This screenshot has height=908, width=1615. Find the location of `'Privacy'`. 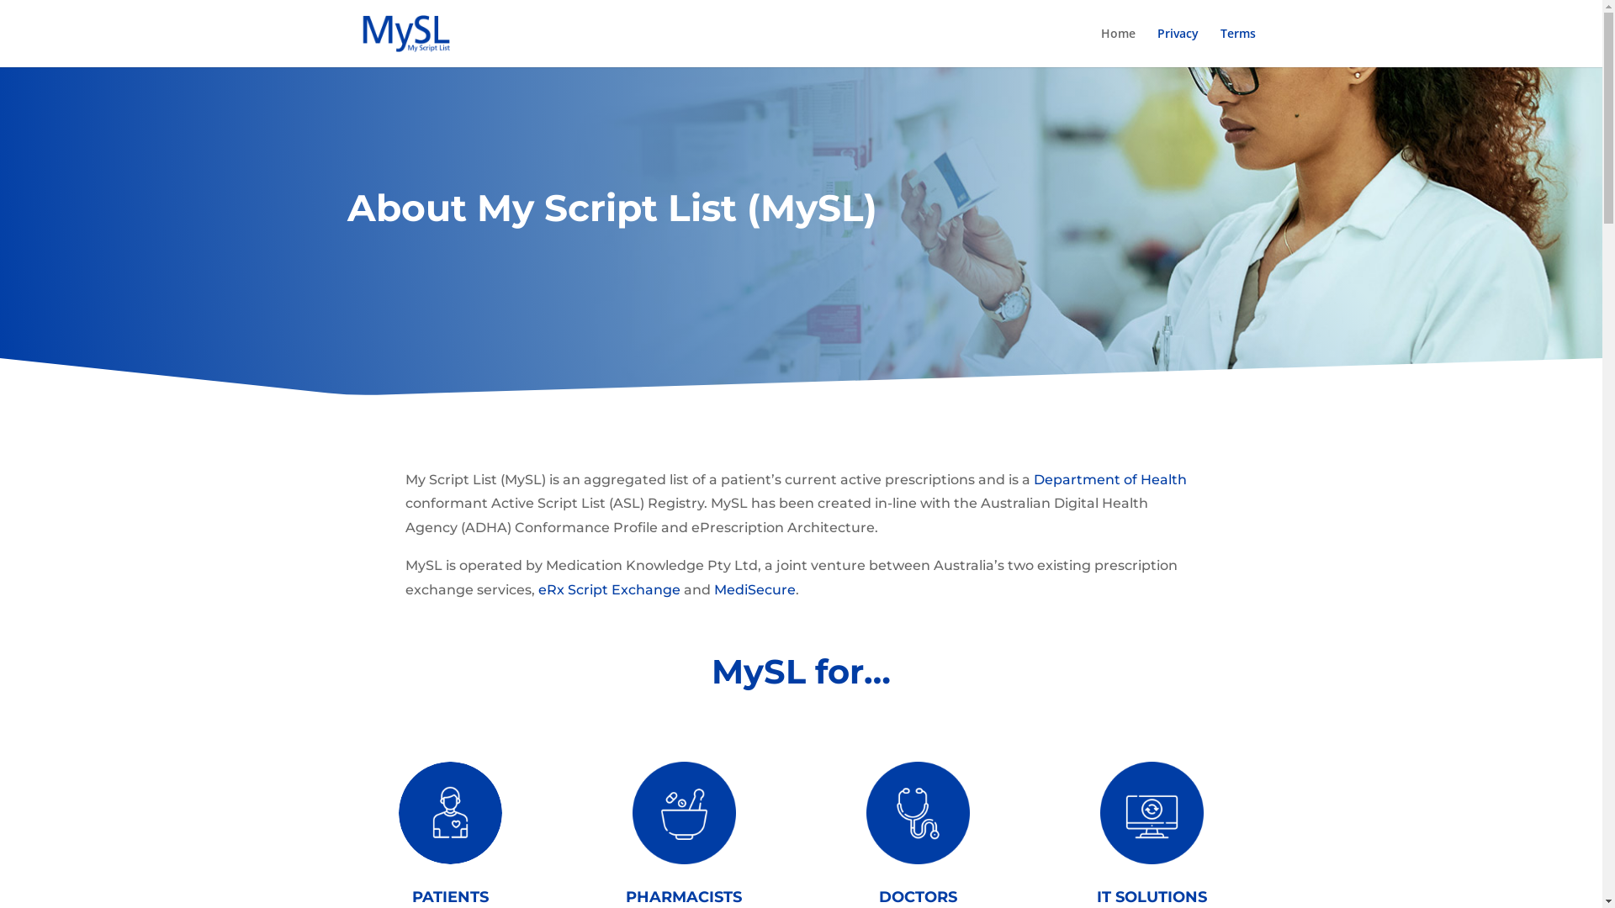

'Privacy' is located at coordinates (1177, 46).